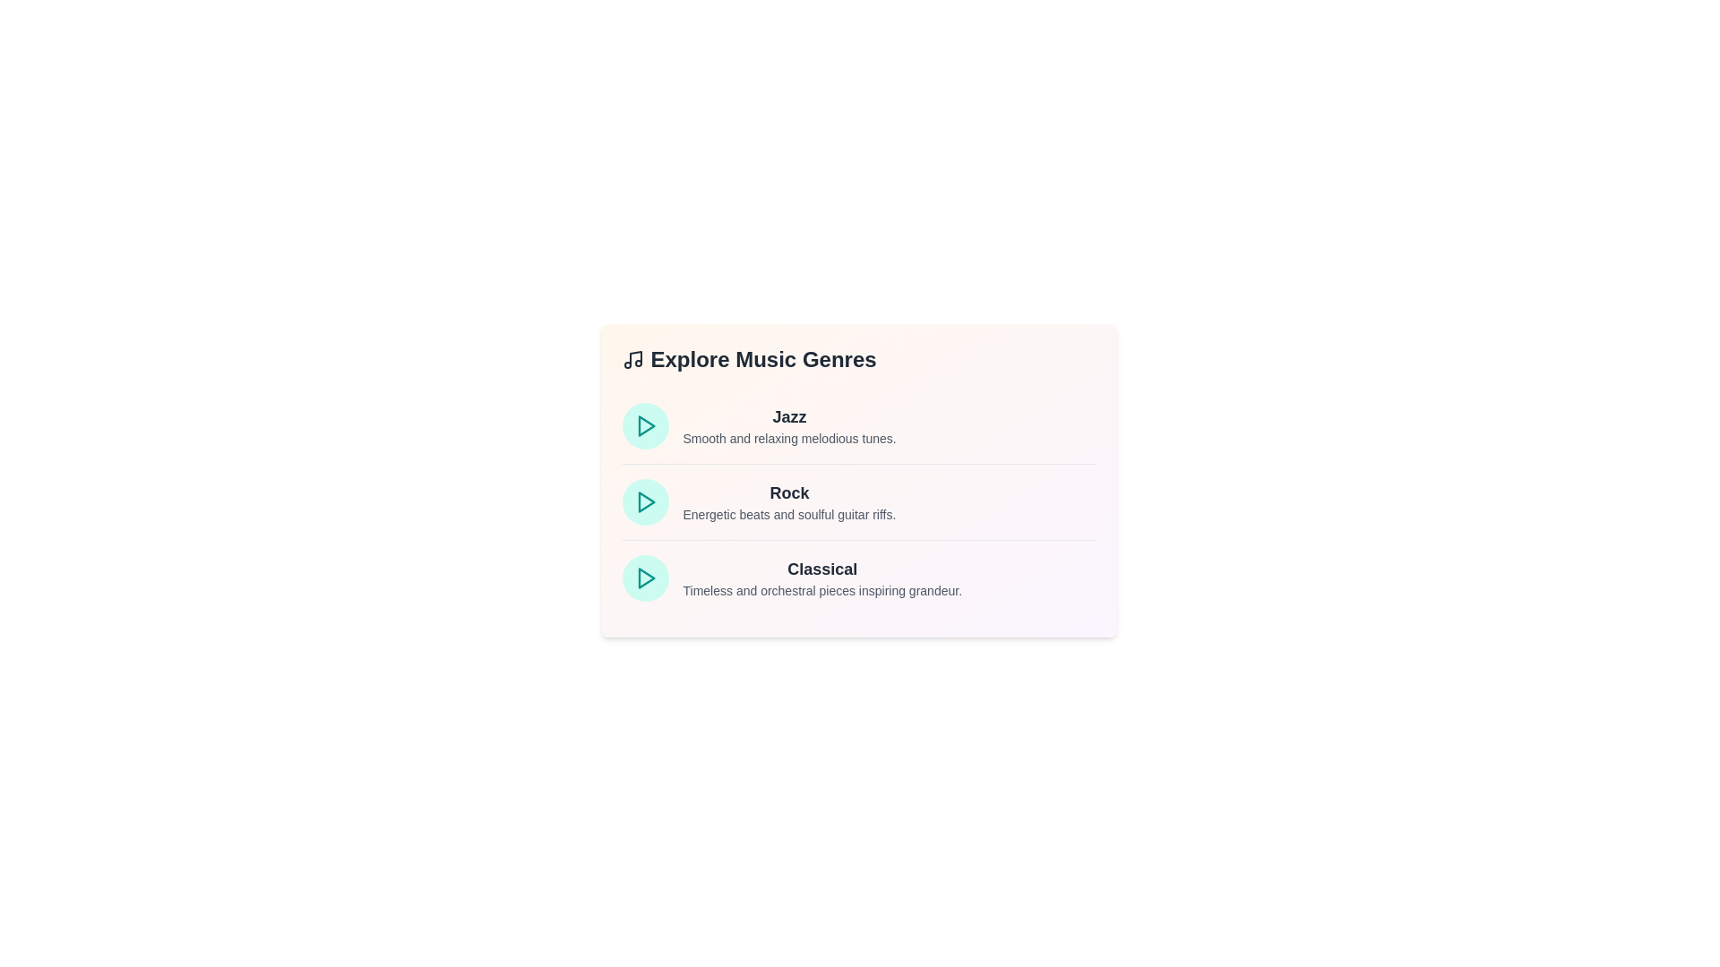 The image size is (1720, 967). I want to click on the genre name Classical to view its tooltip, so click(821, 569).